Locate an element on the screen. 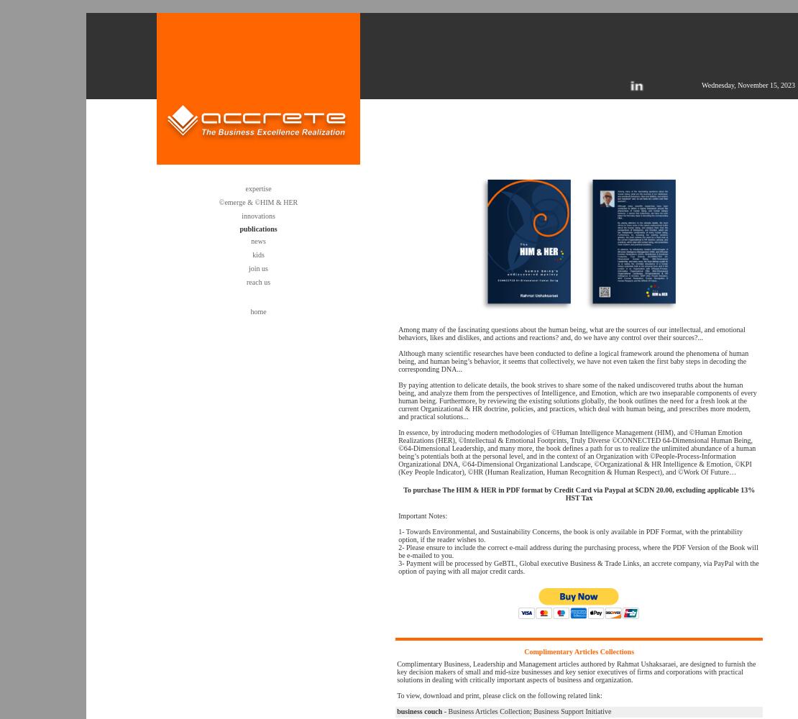 The height and width of the screenshot is (719, 798). '2- Please ensure to include the correct e-mail address during the
purchasing process, where the PDF Version of the Book will be e-mailed
to you.' is located at coordinates (577, 551).